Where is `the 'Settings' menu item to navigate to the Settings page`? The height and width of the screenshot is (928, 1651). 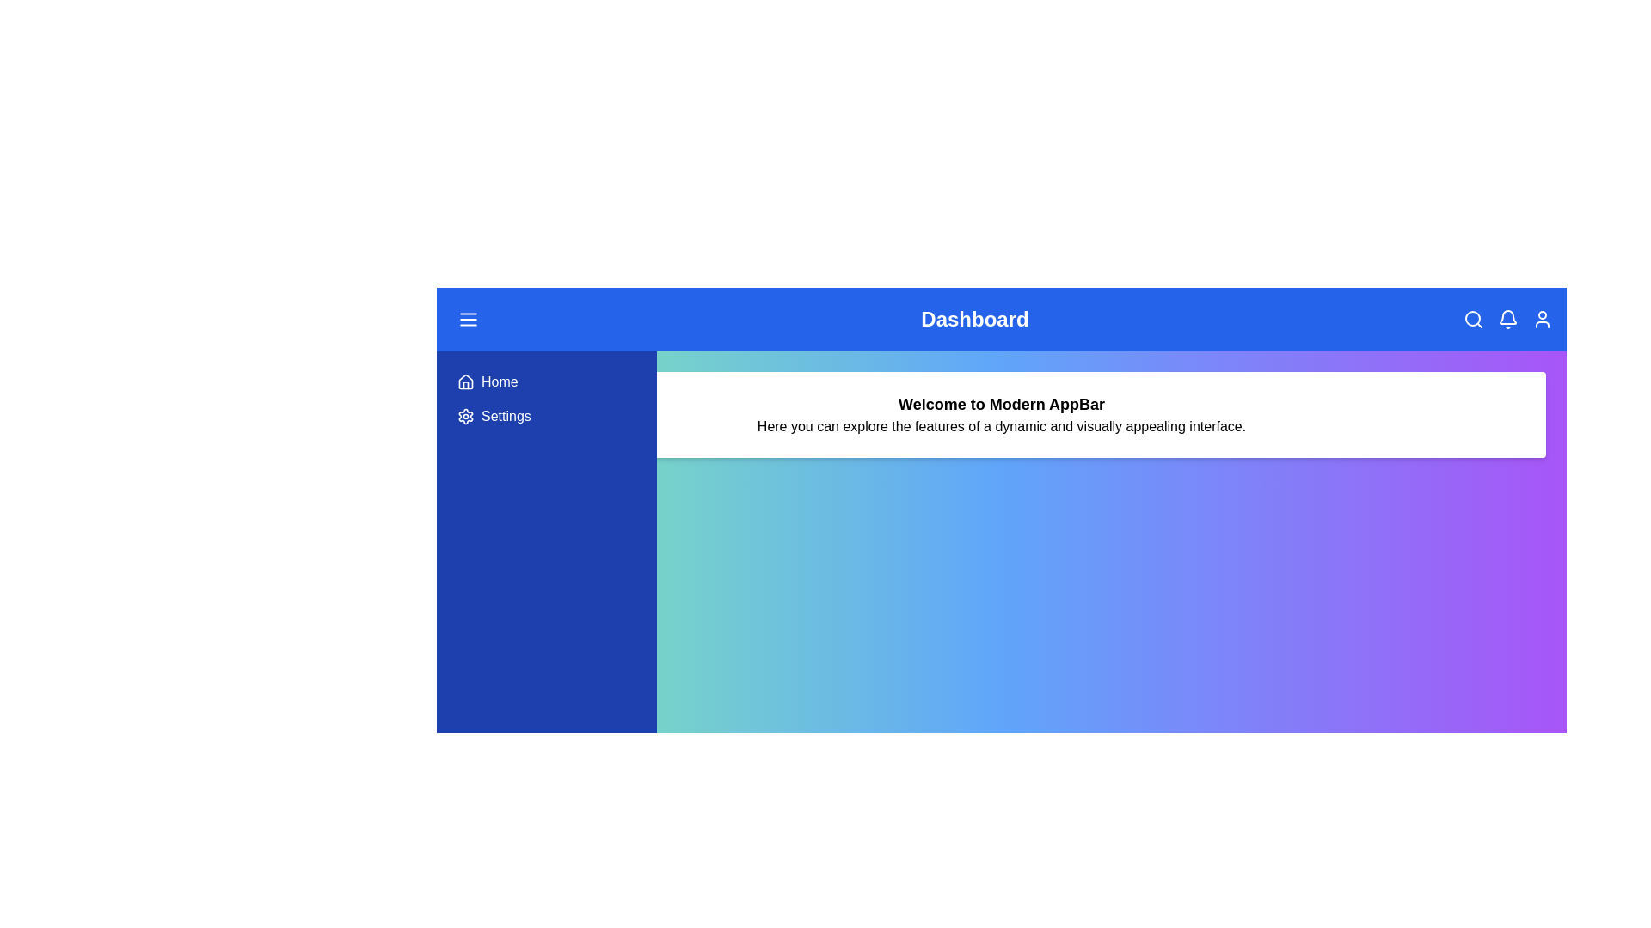
the 'Settings' menu item to navigate to the Settings page is located at coordinates (545, 417).